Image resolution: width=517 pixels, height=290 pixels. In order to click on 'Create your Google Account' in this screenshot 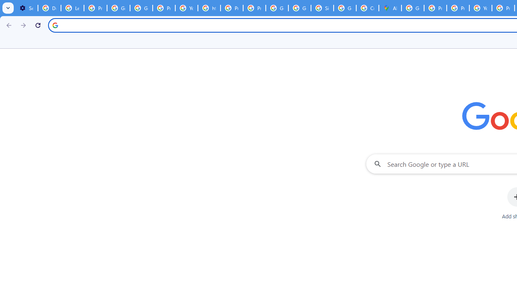, I will do `click(367, 8)`.